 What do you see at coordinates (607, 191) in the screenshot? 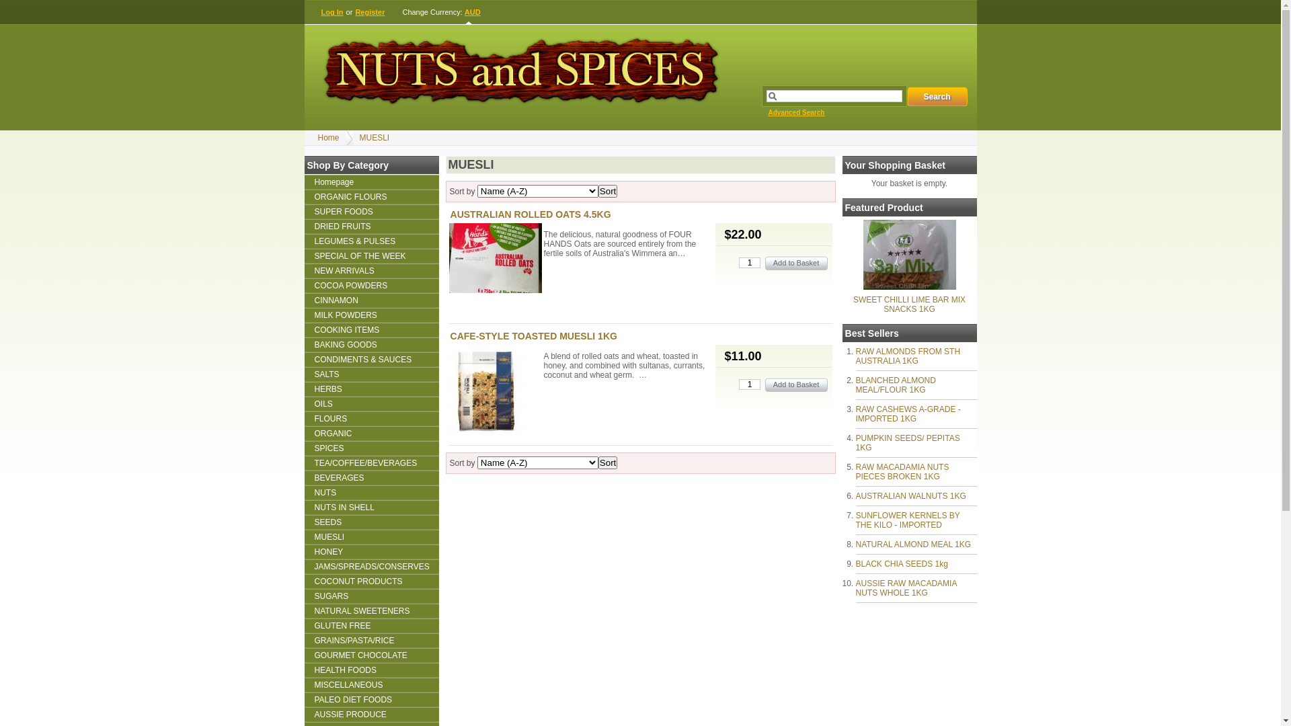
I see `'Sort'` at bounding box center [607, 191].